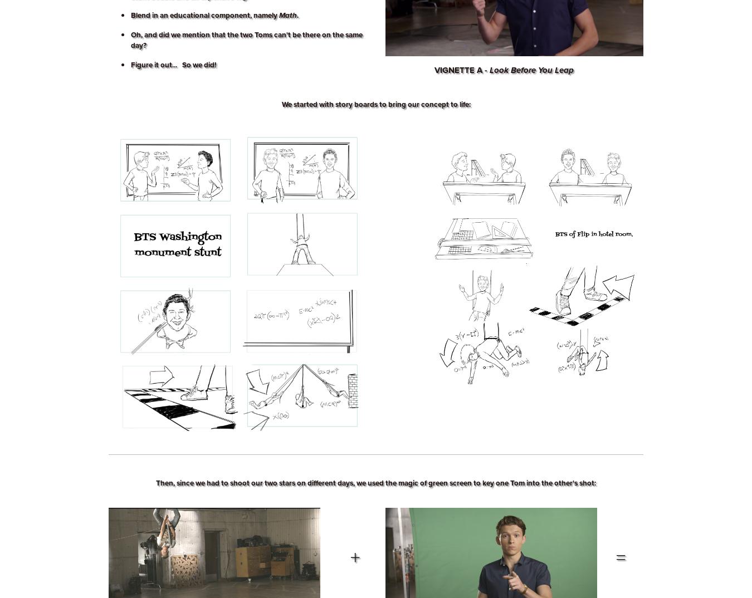 The width and height of the screenshot is (752, 598). What do you see at coordinates (297, 14) in the screenshot?
I see `'.'` at bounding box center [297, 14].